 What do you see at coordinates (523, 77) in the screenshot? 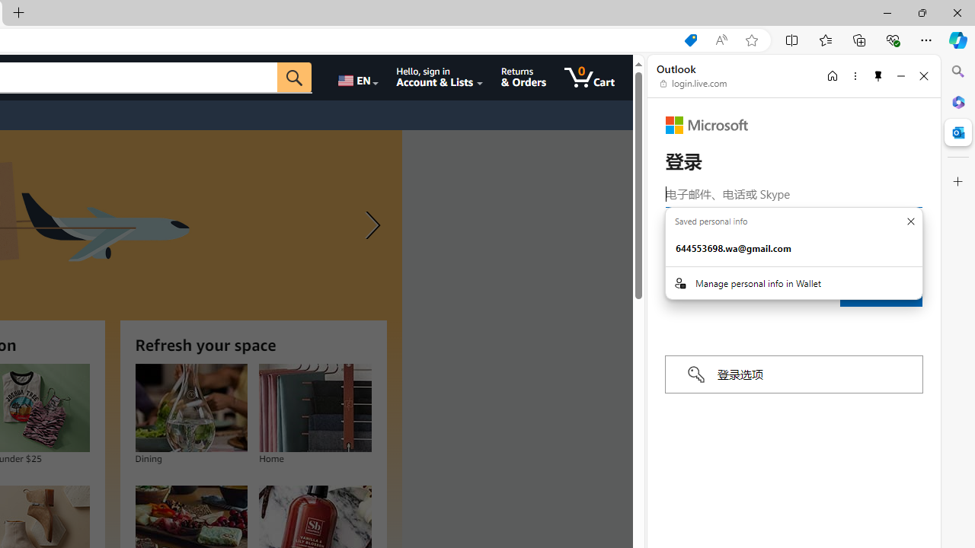
I see `'Returns & Orders'` at bounding box center [523, 77].